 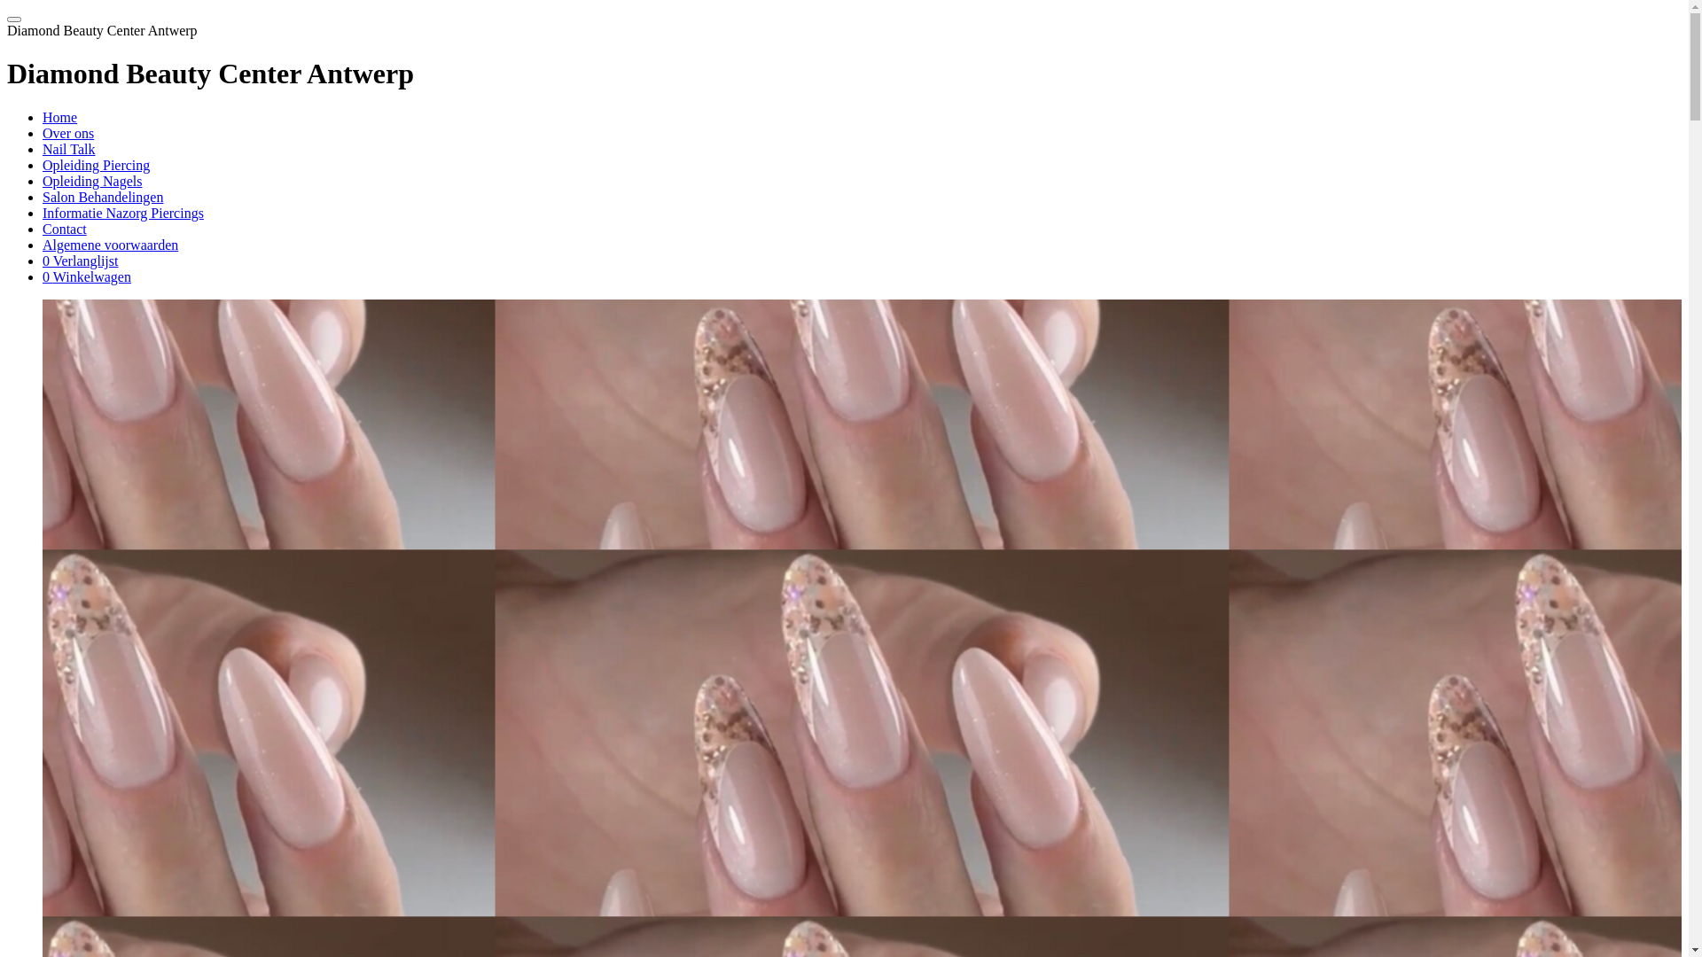 I want to click on 'Informatie Nazorg Piercings', so click(x=122, y=212).